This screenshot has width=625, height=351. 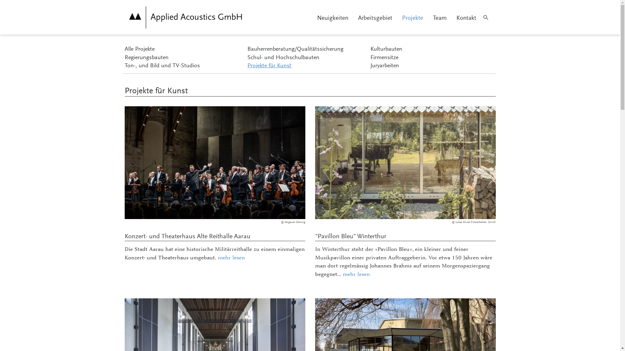 I want to click on 'Kontakt', so click(x=465, y=18).